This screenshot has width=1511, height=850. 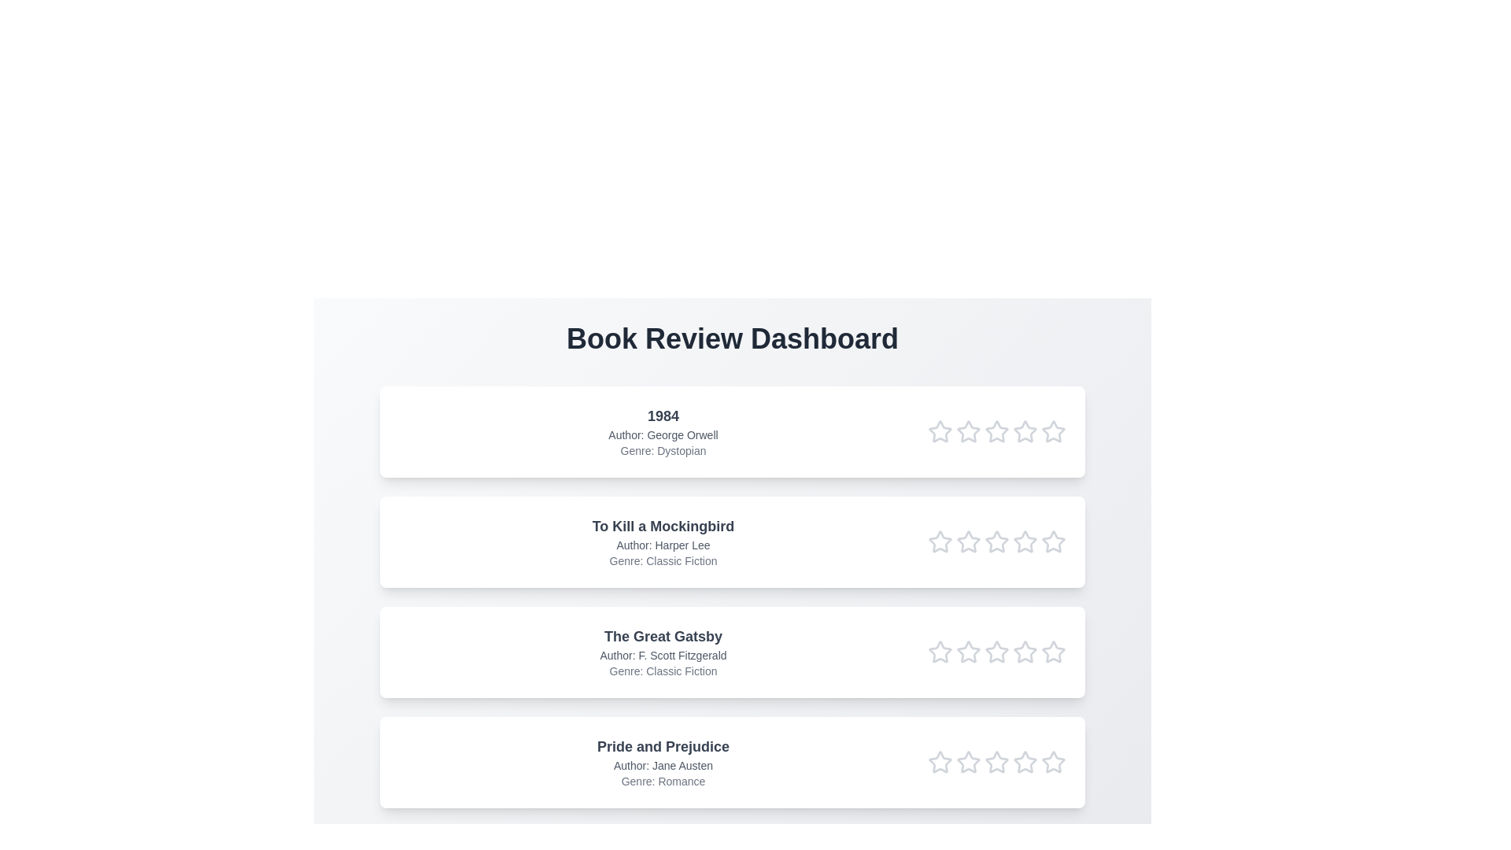 I want to click on the star corresponding to 2 in the rating row of the book titled To Kill a Mockingbird, so click(x=967, y=541).